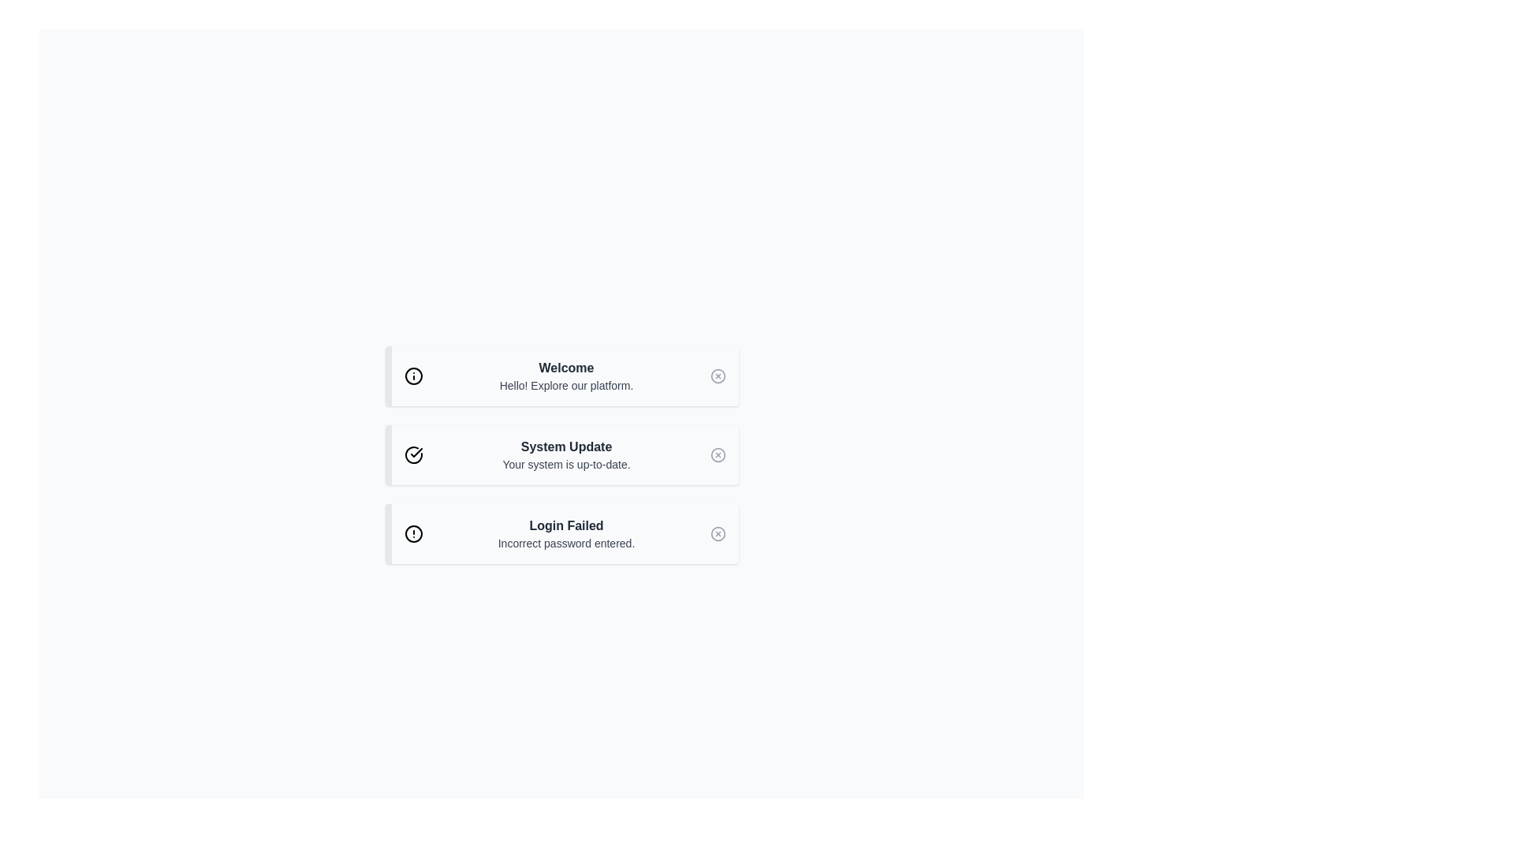  Describe the element at coordinates (566, 533) in the screenshot. I see `error notification message indicating the login attempt failed due to an incorrect password, which is located in the third row of the notification list` at that location.